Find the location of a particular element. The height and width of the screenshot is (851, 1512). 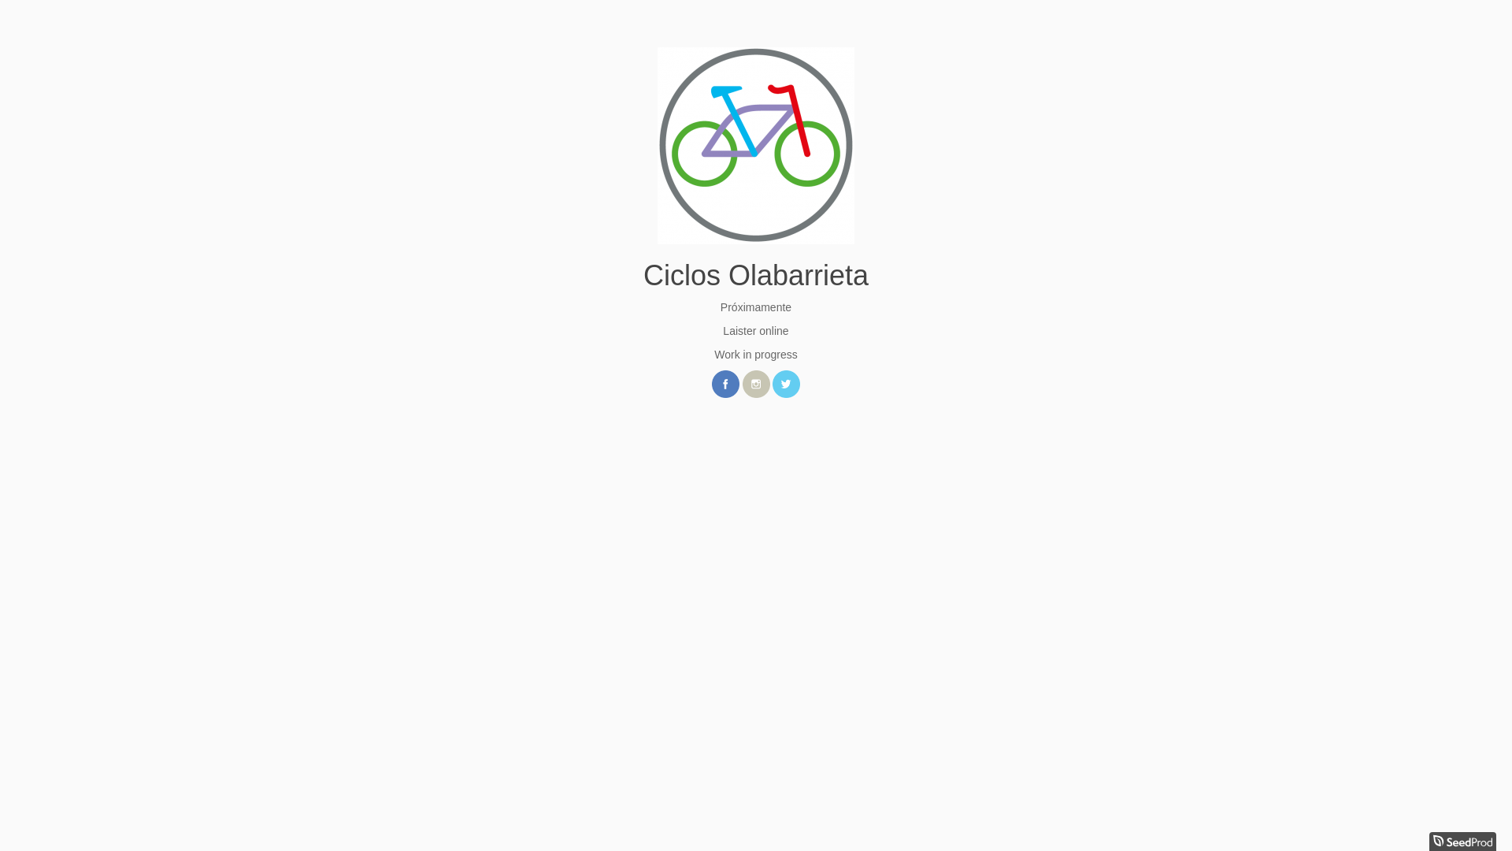

'Instagram' is located at coordinates (754, 384).